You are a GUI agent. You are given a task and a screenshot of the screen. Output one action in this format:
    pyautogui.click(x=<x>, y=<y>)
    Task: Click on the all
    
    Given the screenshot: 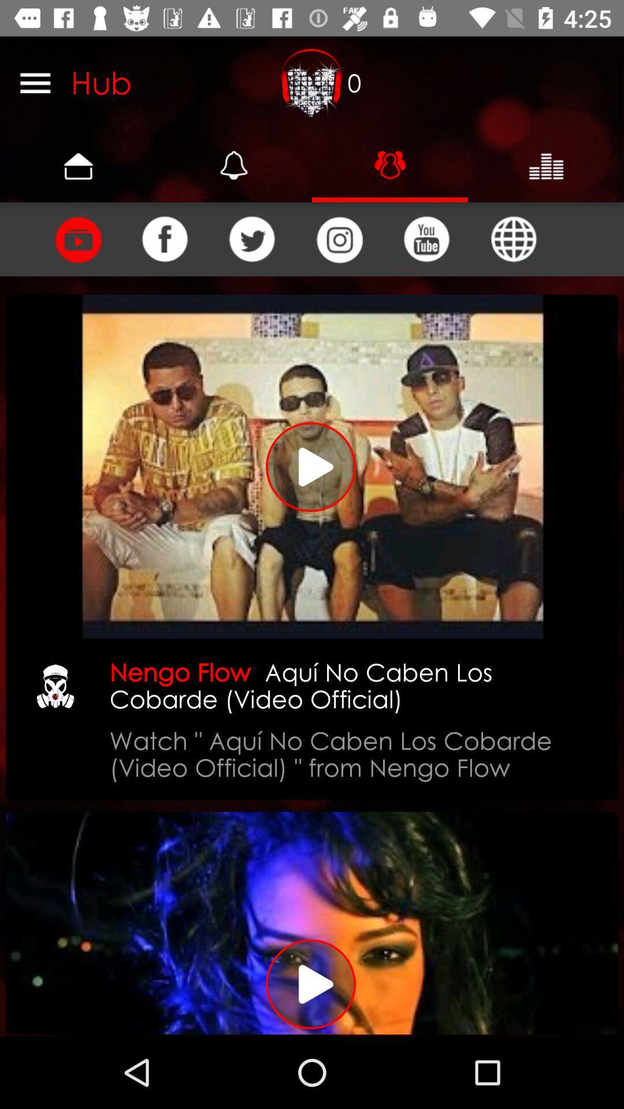 What is the action you would take?
    pyautogui.click(x=35, y=82)
    